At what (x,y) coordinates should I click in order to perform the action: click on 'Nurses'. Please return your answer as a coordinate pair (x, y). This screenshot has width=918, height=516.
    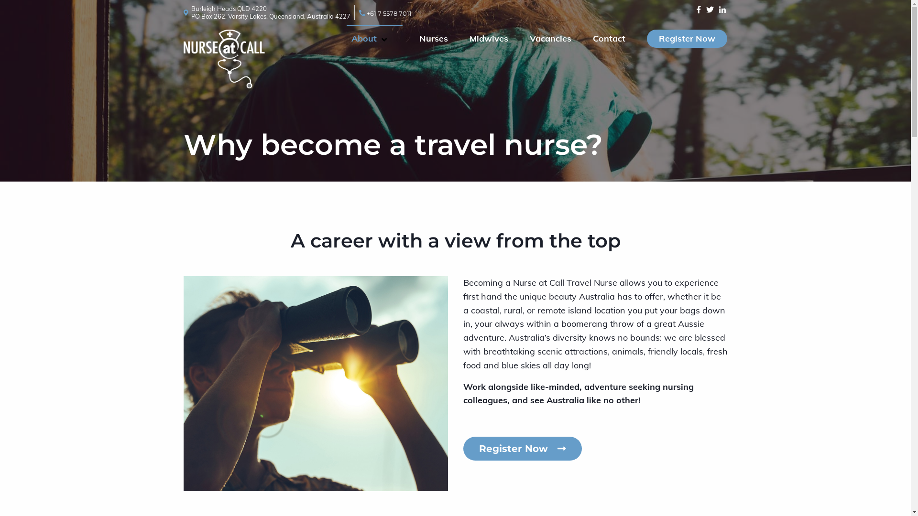
    Looking at the image, I should click on (433, 38).